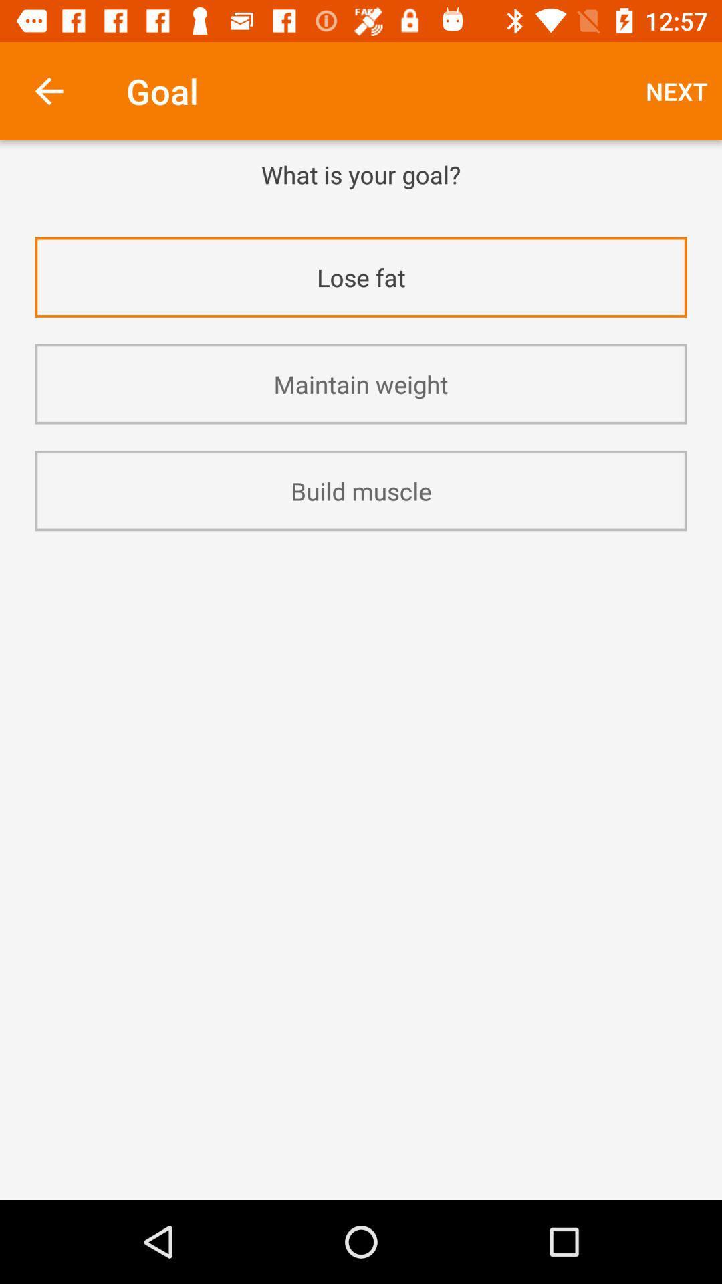  What do you see at coordinates (677, 90) in the screenshot?
I see `icon above the what is your item` at bounding box center [677, 90].